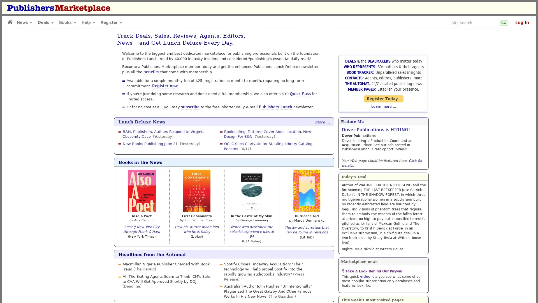  I want to click on GO, so click(504, 22).